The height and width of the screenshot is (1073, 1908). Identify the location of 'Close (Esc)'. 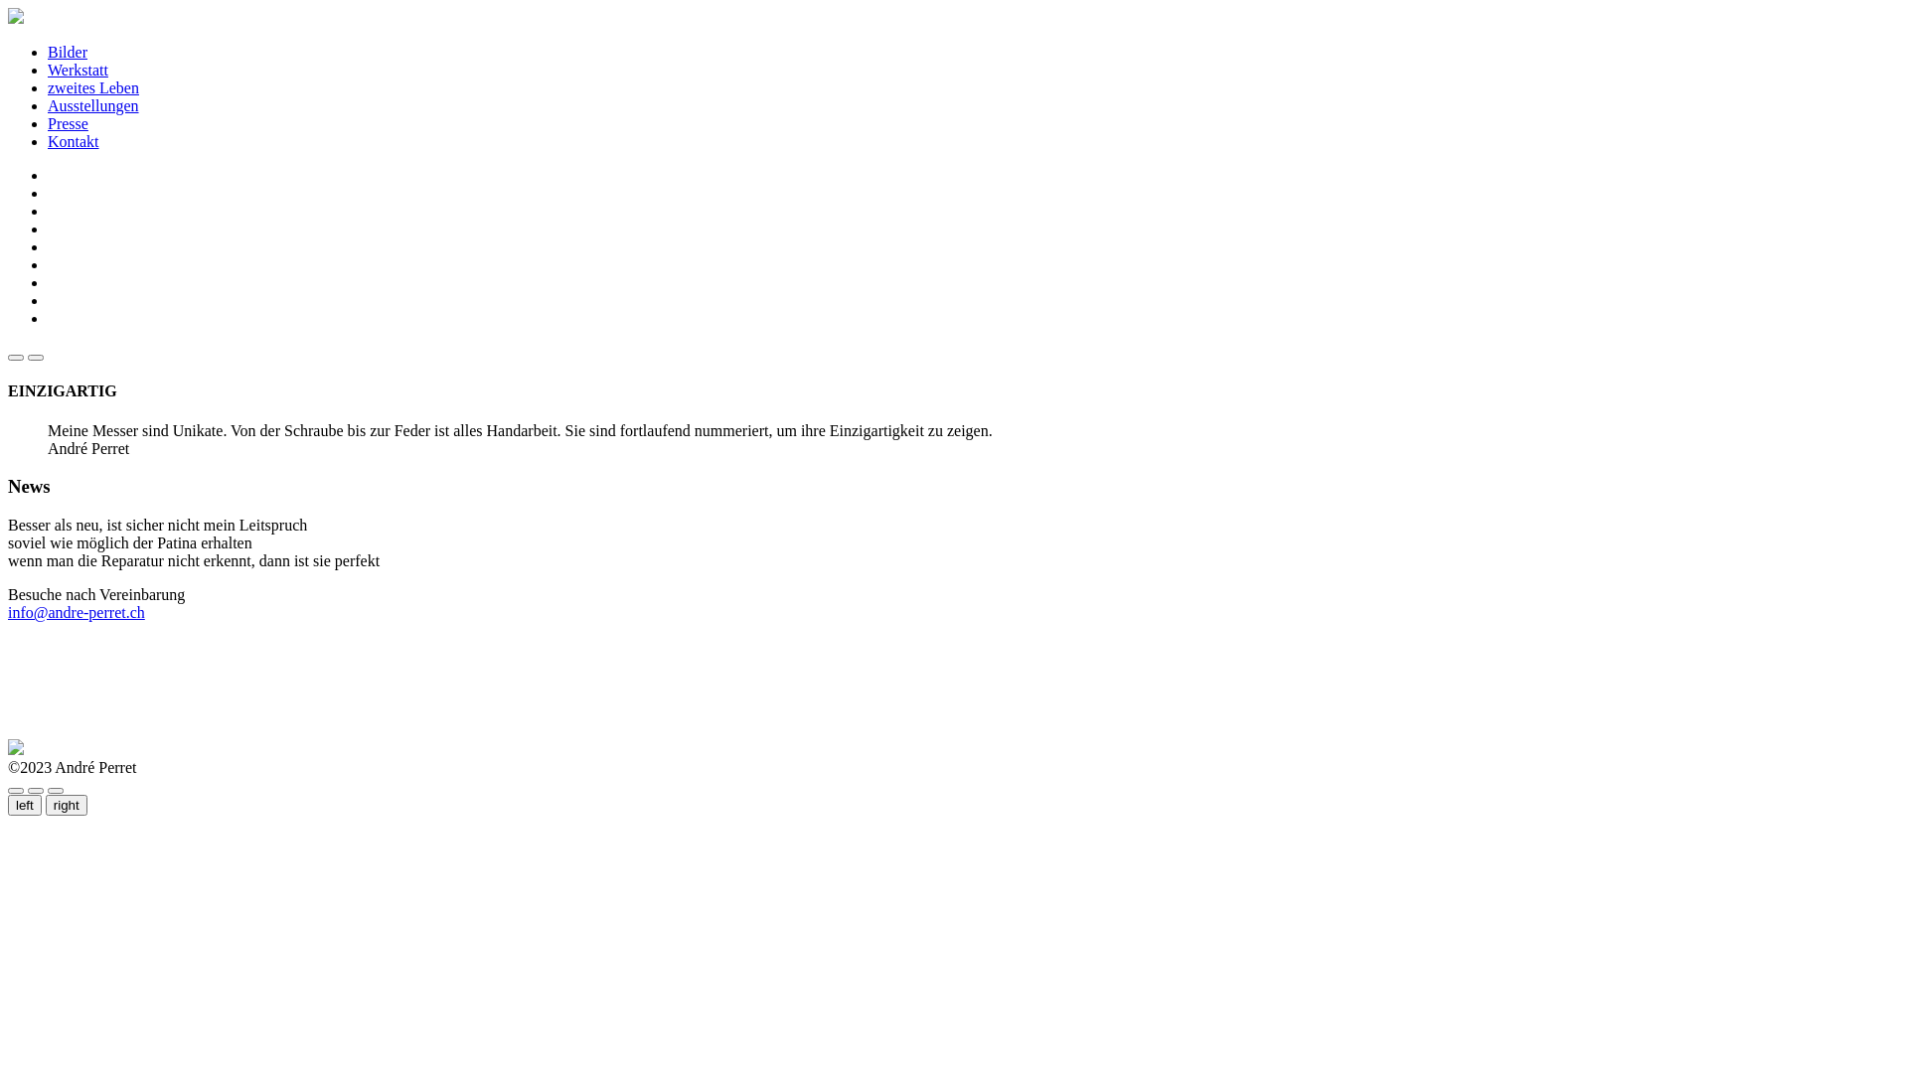
(15, 789).